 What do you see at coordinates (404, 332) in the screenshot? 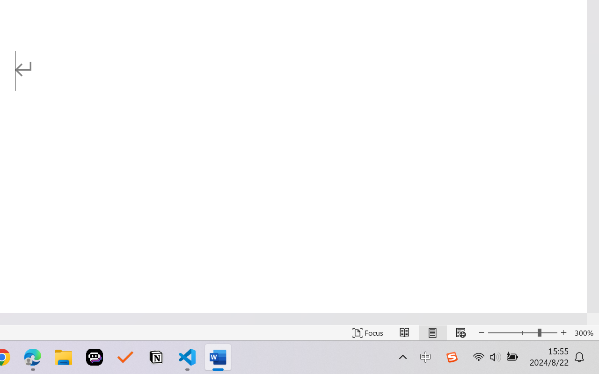
I see `'Read Mode'` at bounding box center [404, 332].